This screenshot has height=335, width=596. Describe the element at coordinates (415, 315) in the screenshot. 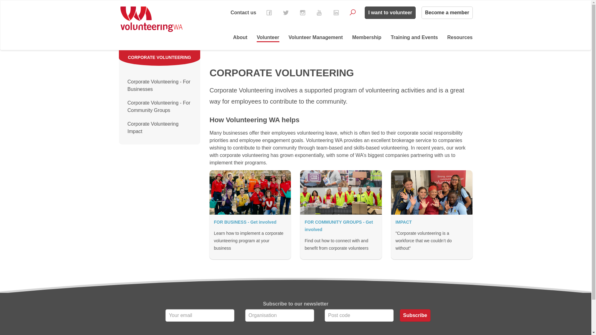

I see `'Subscribe'` at that location.